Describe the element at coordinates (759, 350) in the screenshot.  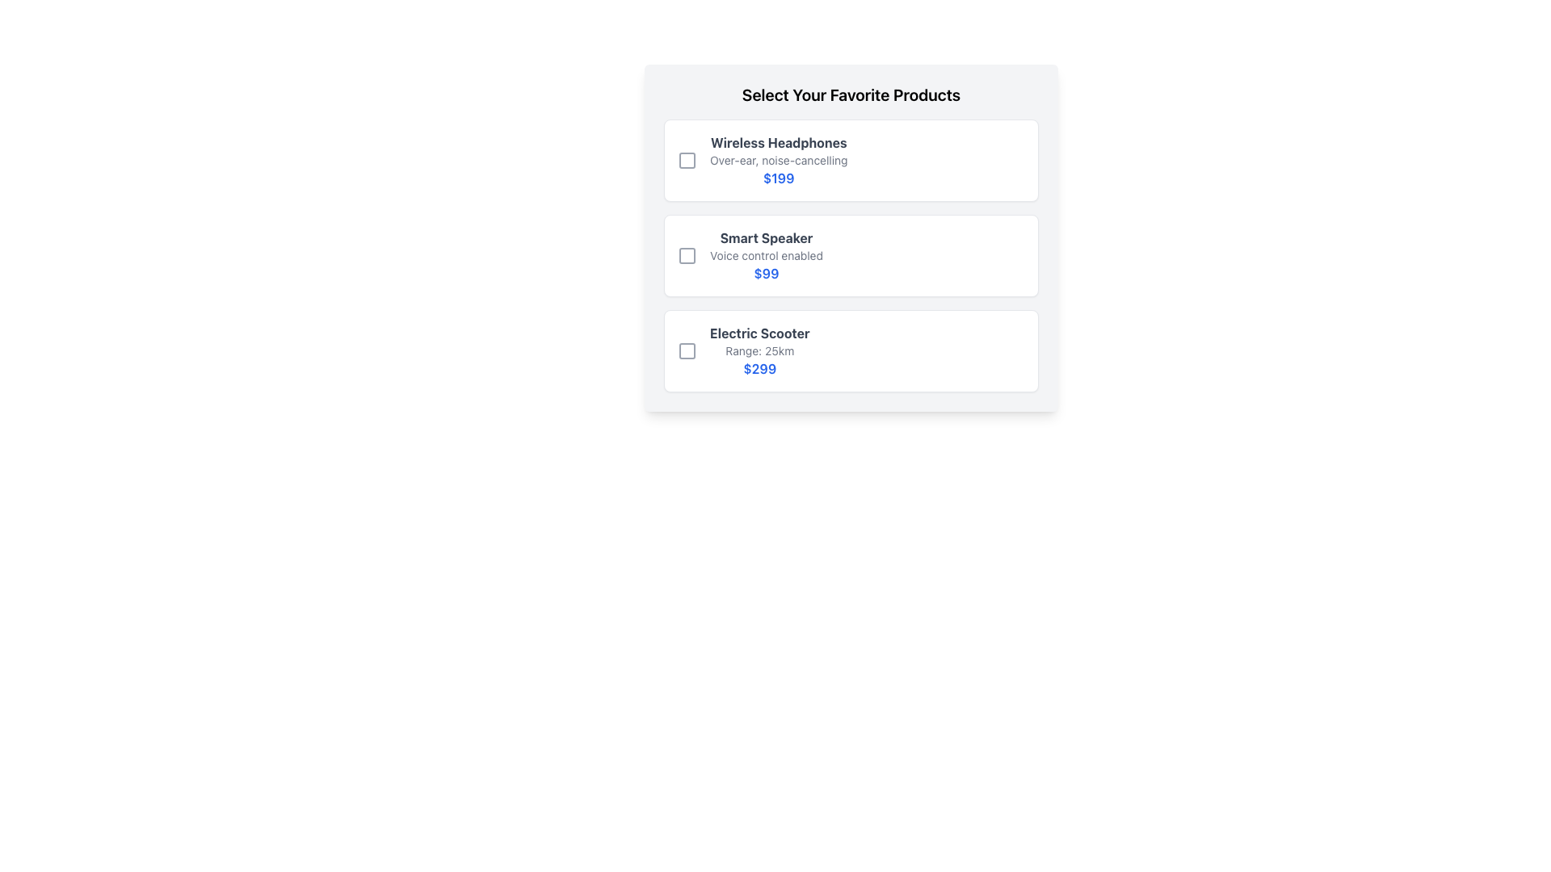
I see `the label displaying 'Range: 25km', which is located under the 'Electric Scooter' heading and above the price '$299'` at that location.